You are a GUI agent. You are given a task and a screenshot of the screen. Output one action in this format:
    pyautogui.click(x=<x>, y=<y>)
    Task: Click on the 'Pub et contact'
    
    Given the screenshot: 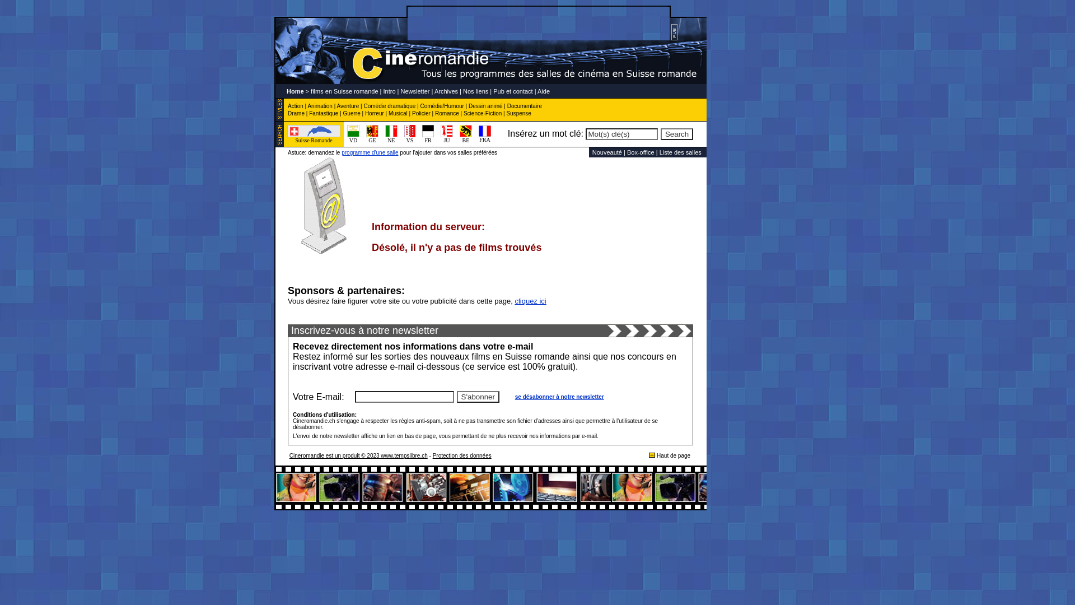 What is the action you would take?
    pyautogui.click(x=493, y=90)
    